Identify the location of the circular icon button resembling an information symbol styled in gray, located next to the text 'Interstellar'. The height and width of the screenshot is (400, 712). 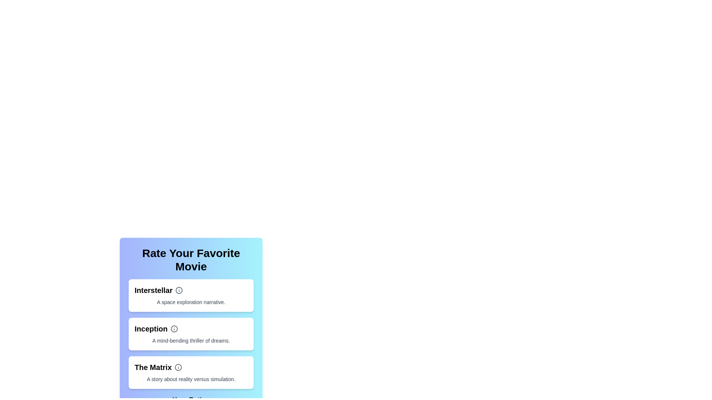
(179, 290).